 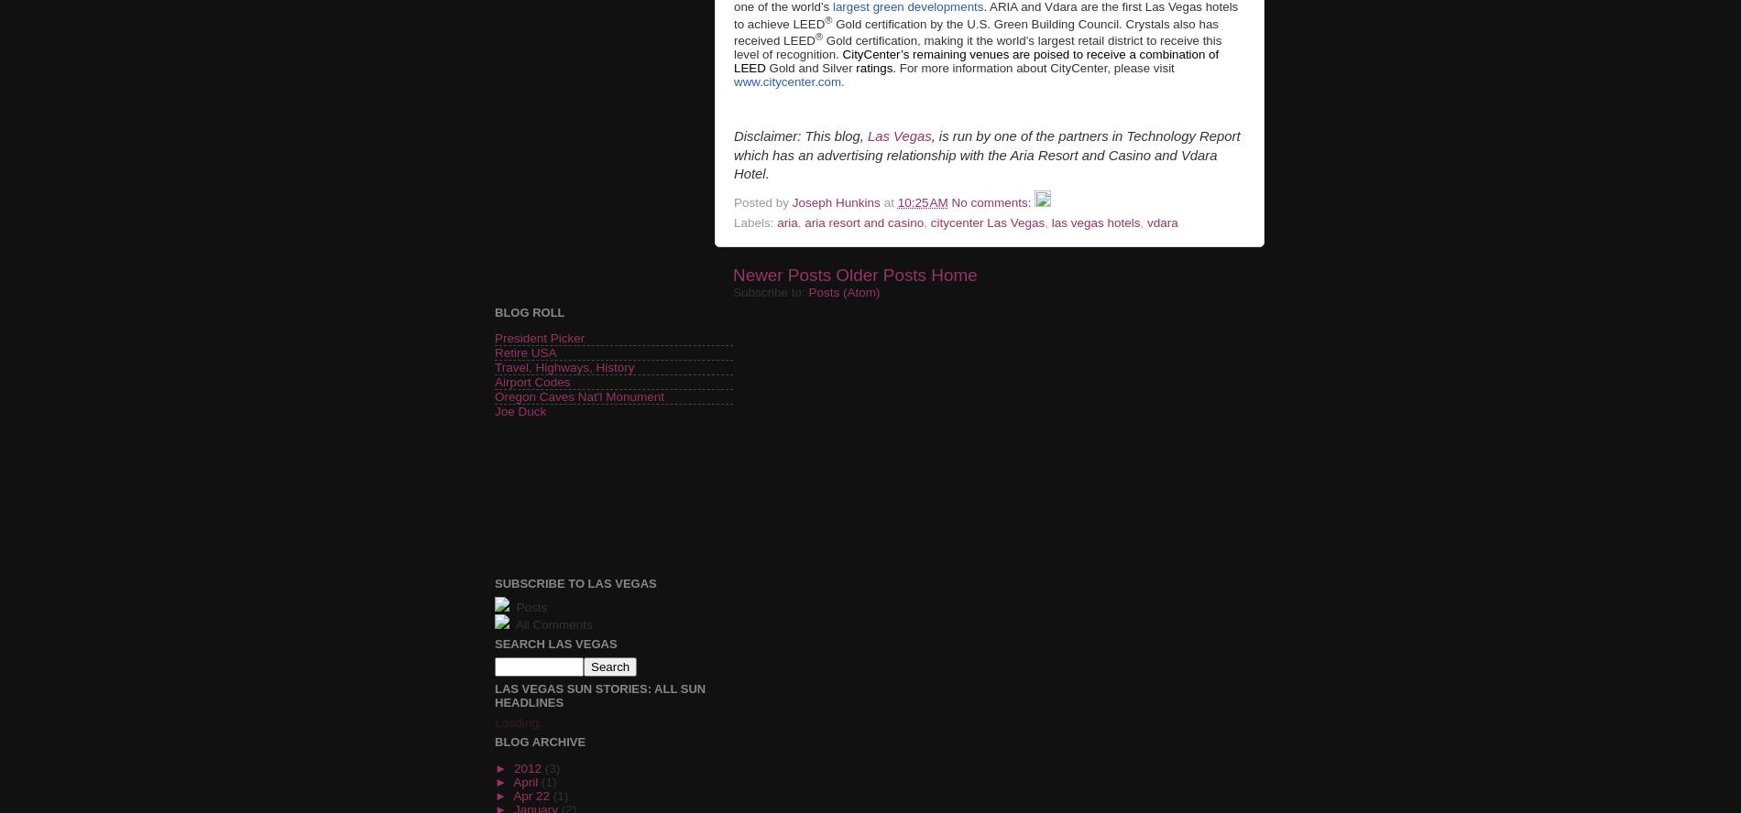 What do you see at coordinates (769, 291) in the screenshot?
I see `'Subscribe to:'` at bounding box center [769, 291].